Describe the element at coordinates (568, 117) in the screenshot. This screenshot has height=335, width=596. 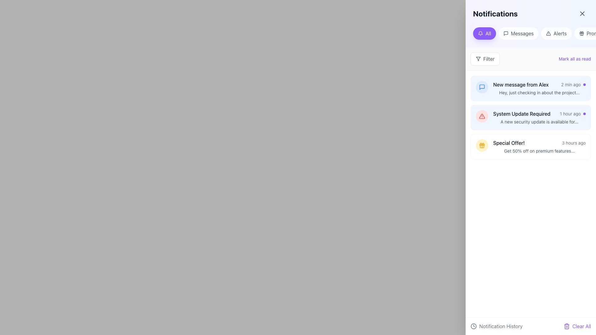
I see `the pin-shaped icon located near the top-right corner of the 'System Update Required' notification` at that location.